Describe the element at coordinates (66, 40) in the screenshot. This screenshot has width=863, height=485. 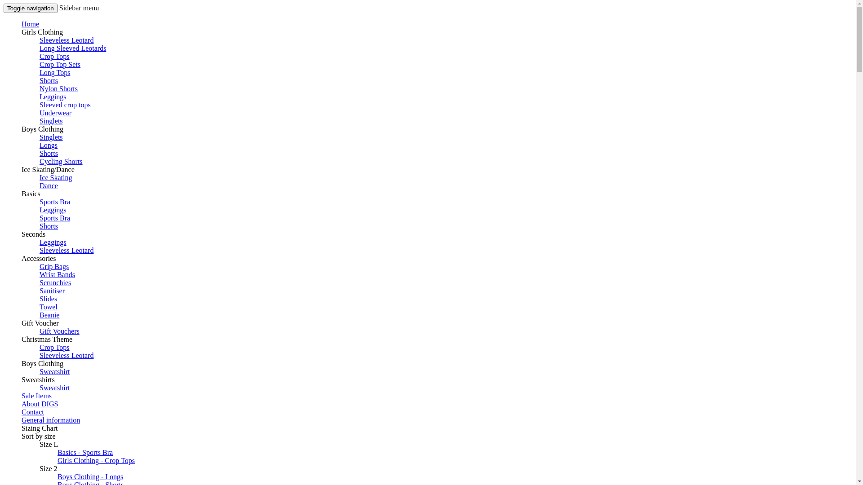
I see `'Sleeveless Leotard'` at that location.